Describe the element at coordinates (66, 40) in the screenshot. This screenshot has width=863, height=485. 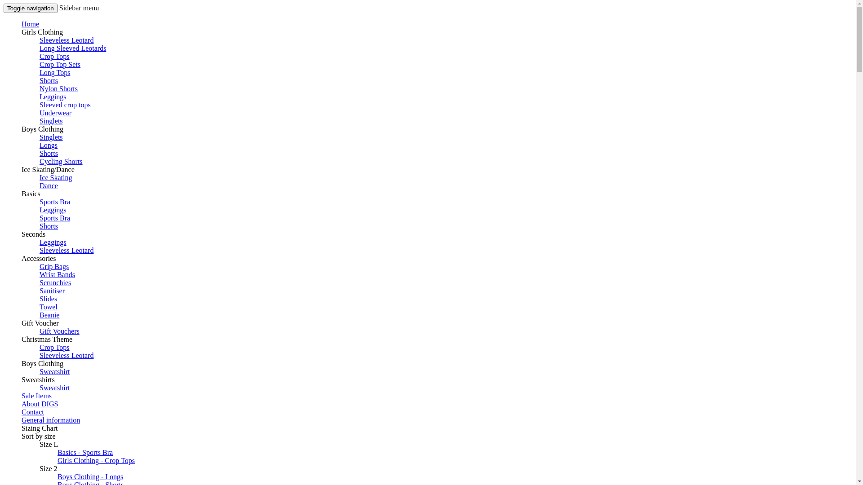
I see `'Sleeveless Leotard'` at that location.